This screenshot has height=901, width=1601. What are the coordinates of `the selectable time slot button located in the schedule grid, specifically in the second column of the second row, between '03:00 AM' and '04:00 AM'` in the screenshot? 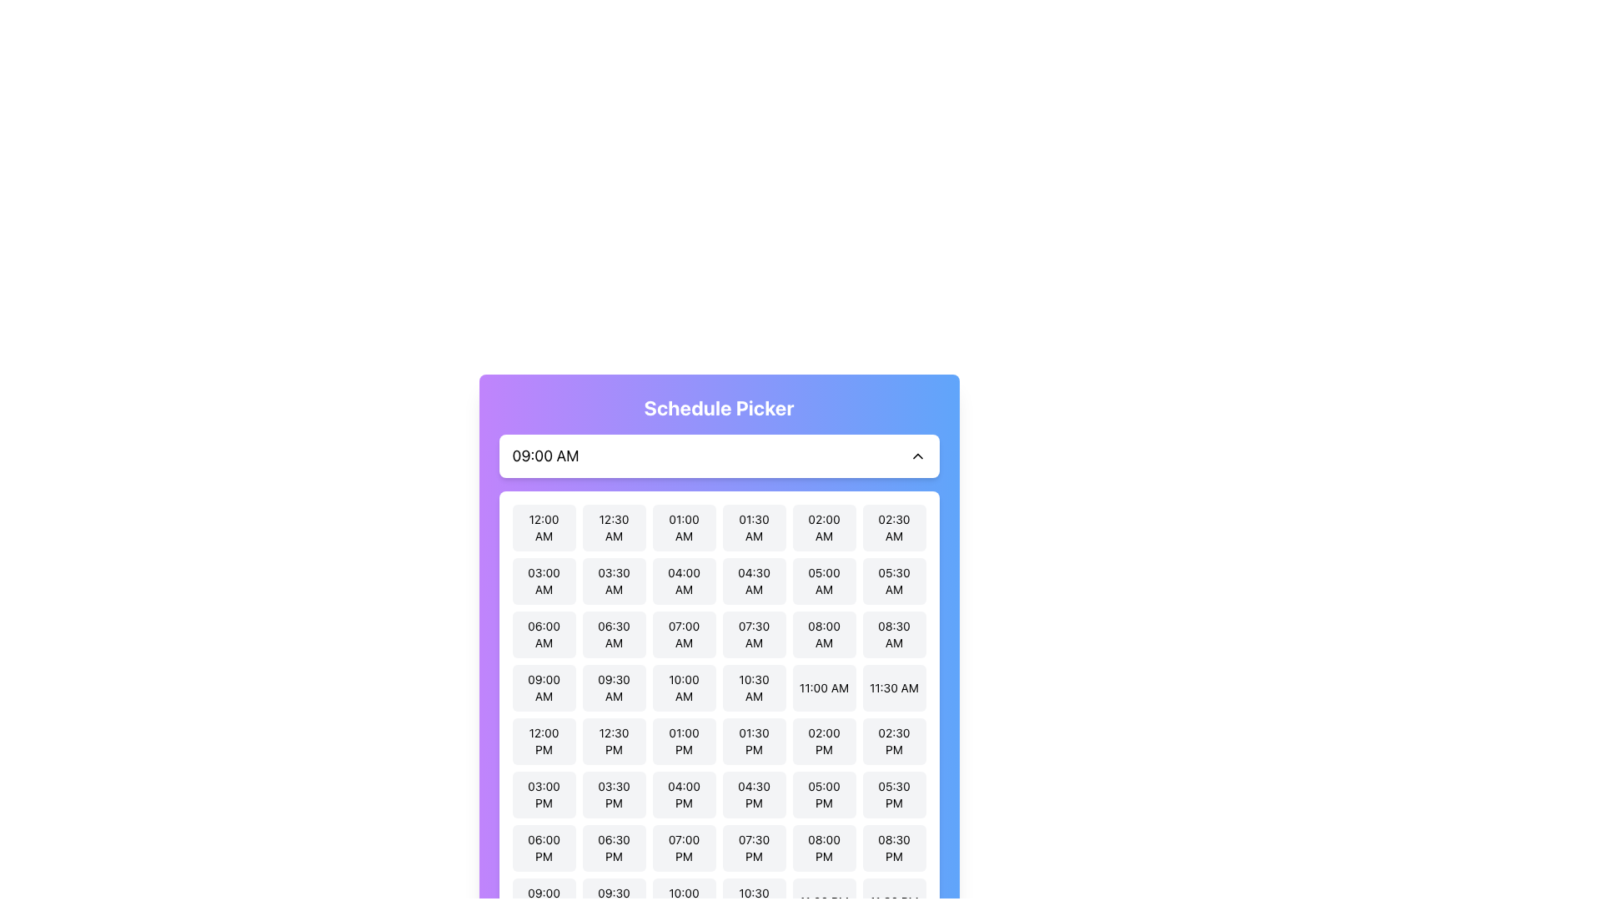 It's located at (613, 581).